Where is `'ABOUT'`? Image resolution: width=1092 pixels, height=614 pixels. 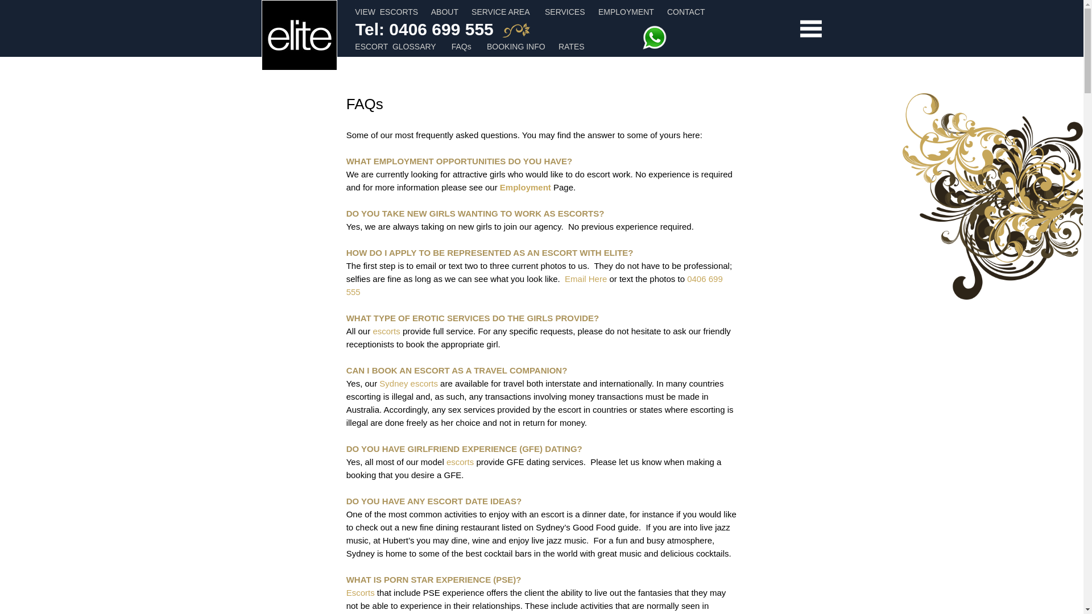
'ABOUT' is located at coordinates (444, 11).